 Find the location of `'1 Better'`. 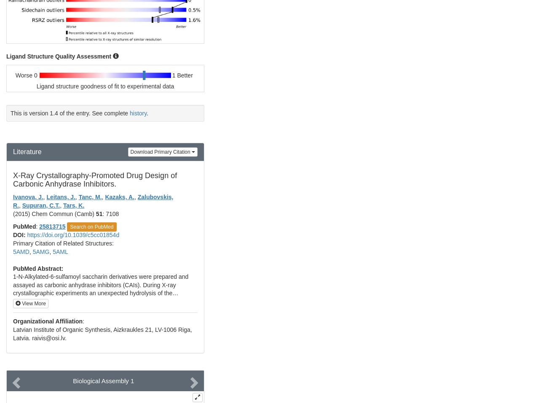

'1 Better' is located at coordinates (182, 75).